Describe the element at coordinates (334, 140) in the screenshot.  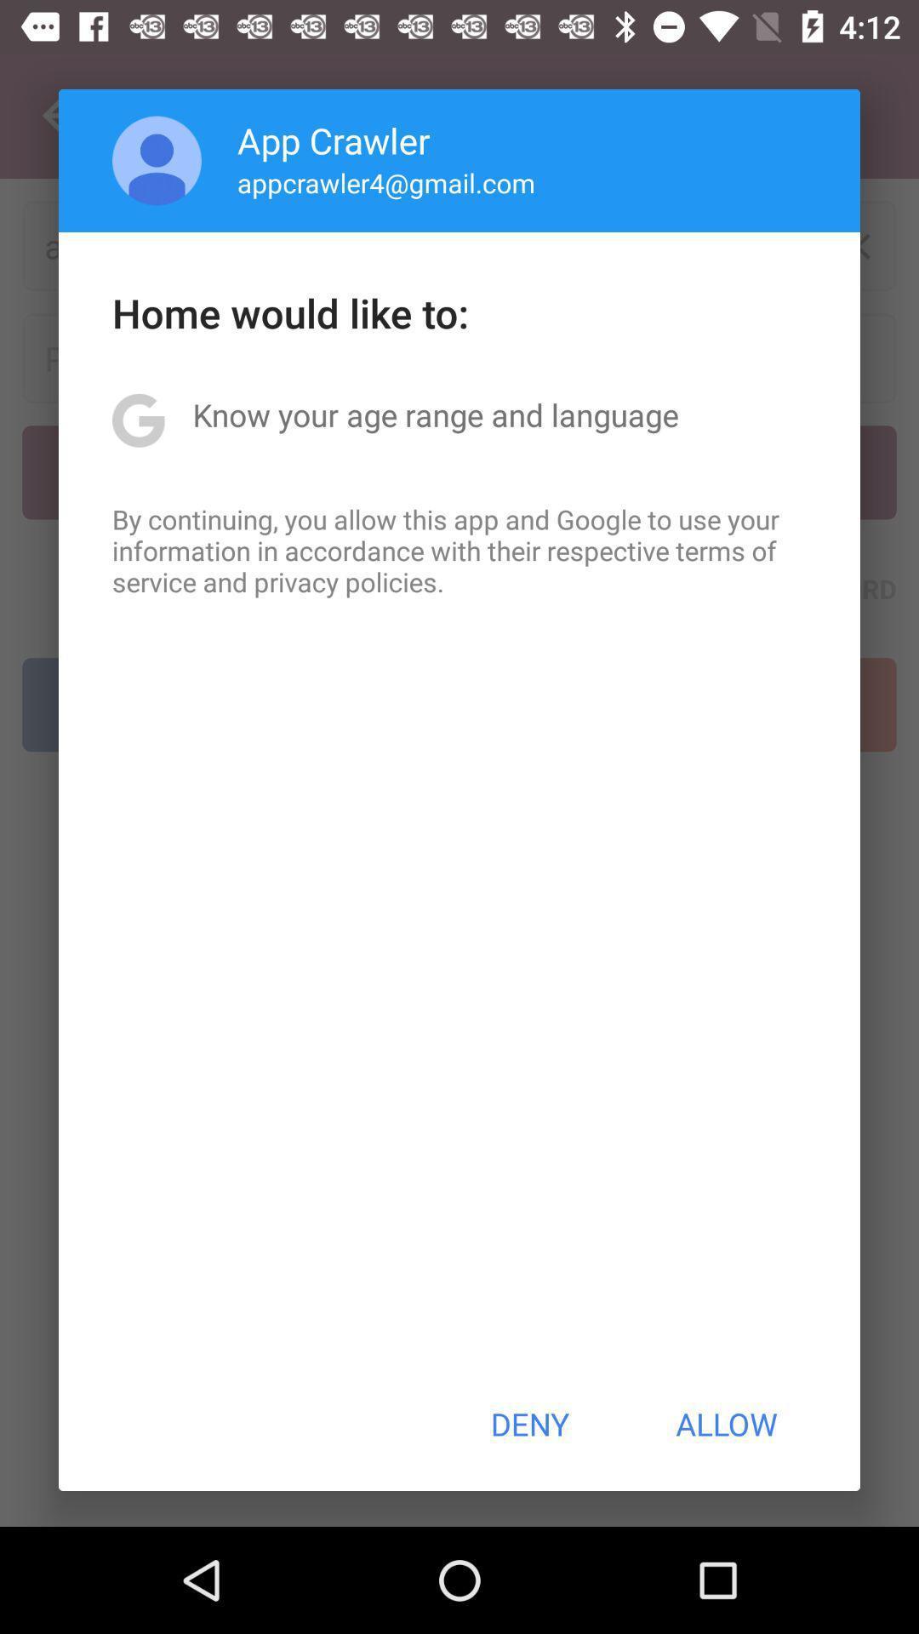
I see `app above appcrawler4@gmail.com icon` at that location.